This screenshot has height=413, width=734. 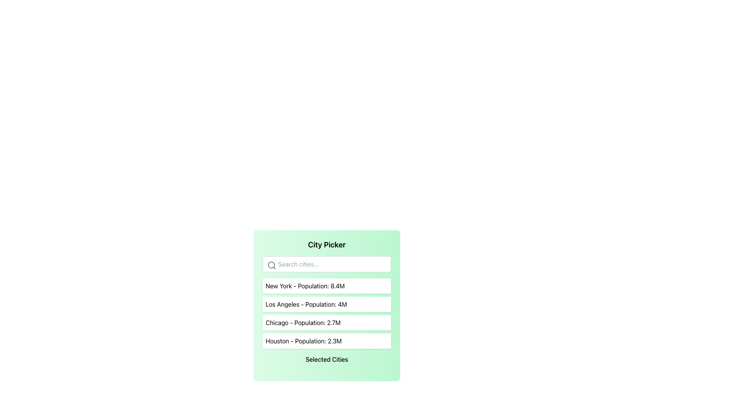 I want to click on the text label that serves as a header for 'Selected Cities', located at the bottom of the City Picker component, beneath 'Houston - Population: 2.3M', so click(x=326, y=361).